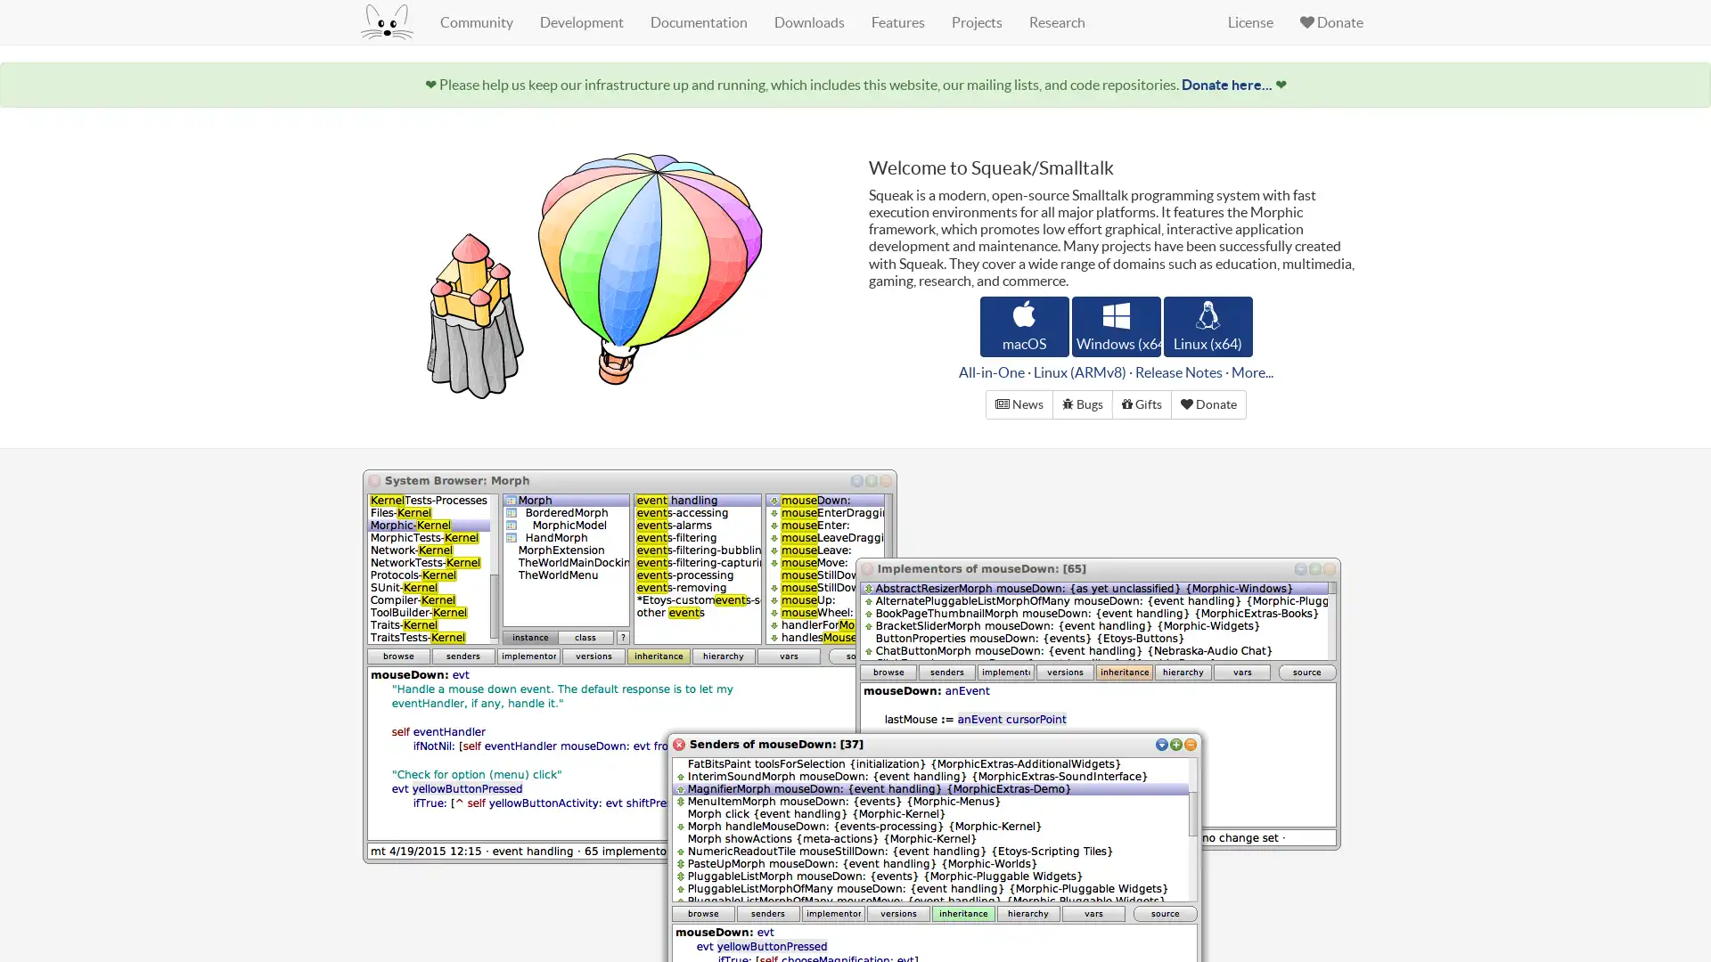 The height and width of the screenshot is (962, 1711). What do you see at coordinates (1019, 404) in the screenshot?
I see `News` at bounding box center [1019, 404].